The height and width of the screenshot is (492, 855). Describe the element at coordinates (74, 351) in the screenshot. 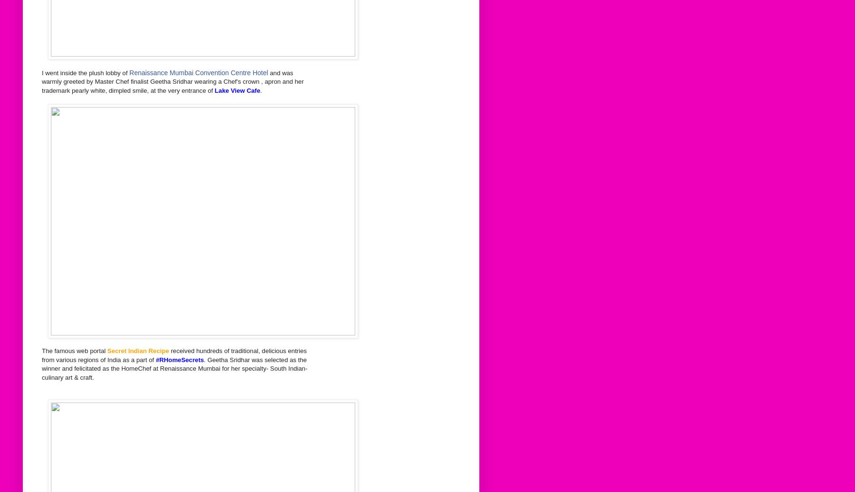

I see `'The famous web portal'` at that location.